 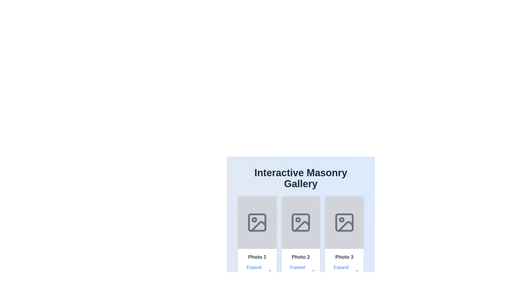 I want to click on the icon positioned to the right of the text 'Expand Details' in the bottom-middle portion of the card under 'Interactive Masonry Gallery', so click(x=270, y=270).